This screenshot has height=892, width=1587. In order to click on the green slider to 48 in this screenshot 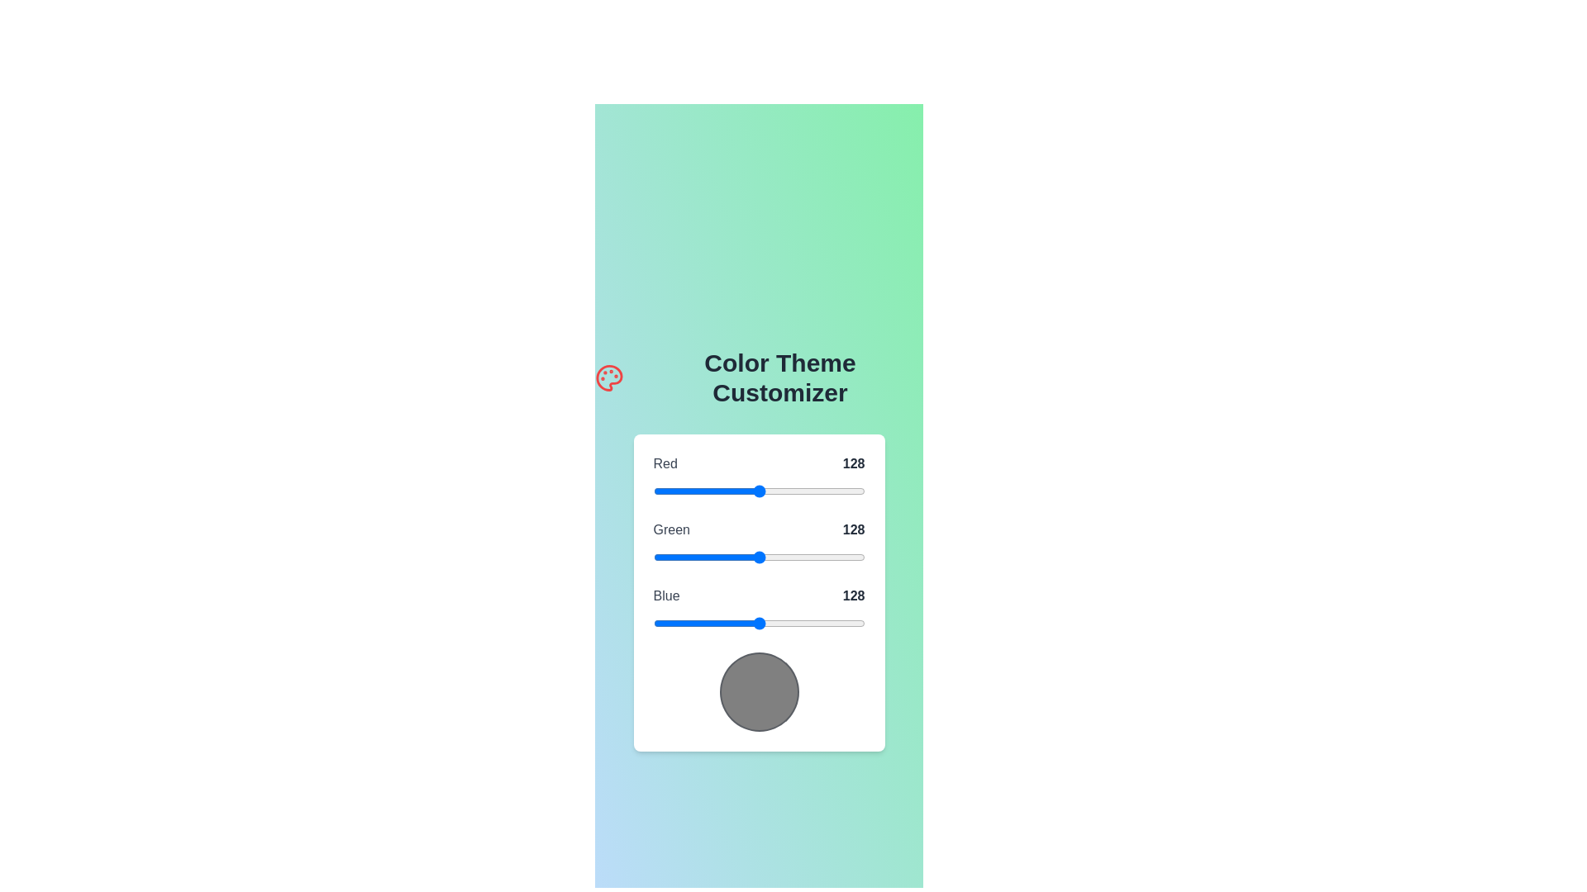, I will do `click(693, 557)`.